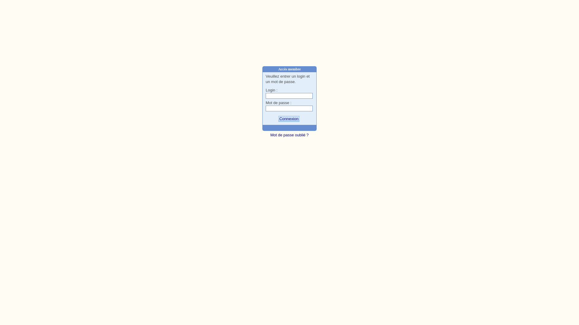 The height and width of the screenshot is (325, 579). Describe the element at coordinates (289, 119) in the screenshot. I see `'Connexion'` at that location.